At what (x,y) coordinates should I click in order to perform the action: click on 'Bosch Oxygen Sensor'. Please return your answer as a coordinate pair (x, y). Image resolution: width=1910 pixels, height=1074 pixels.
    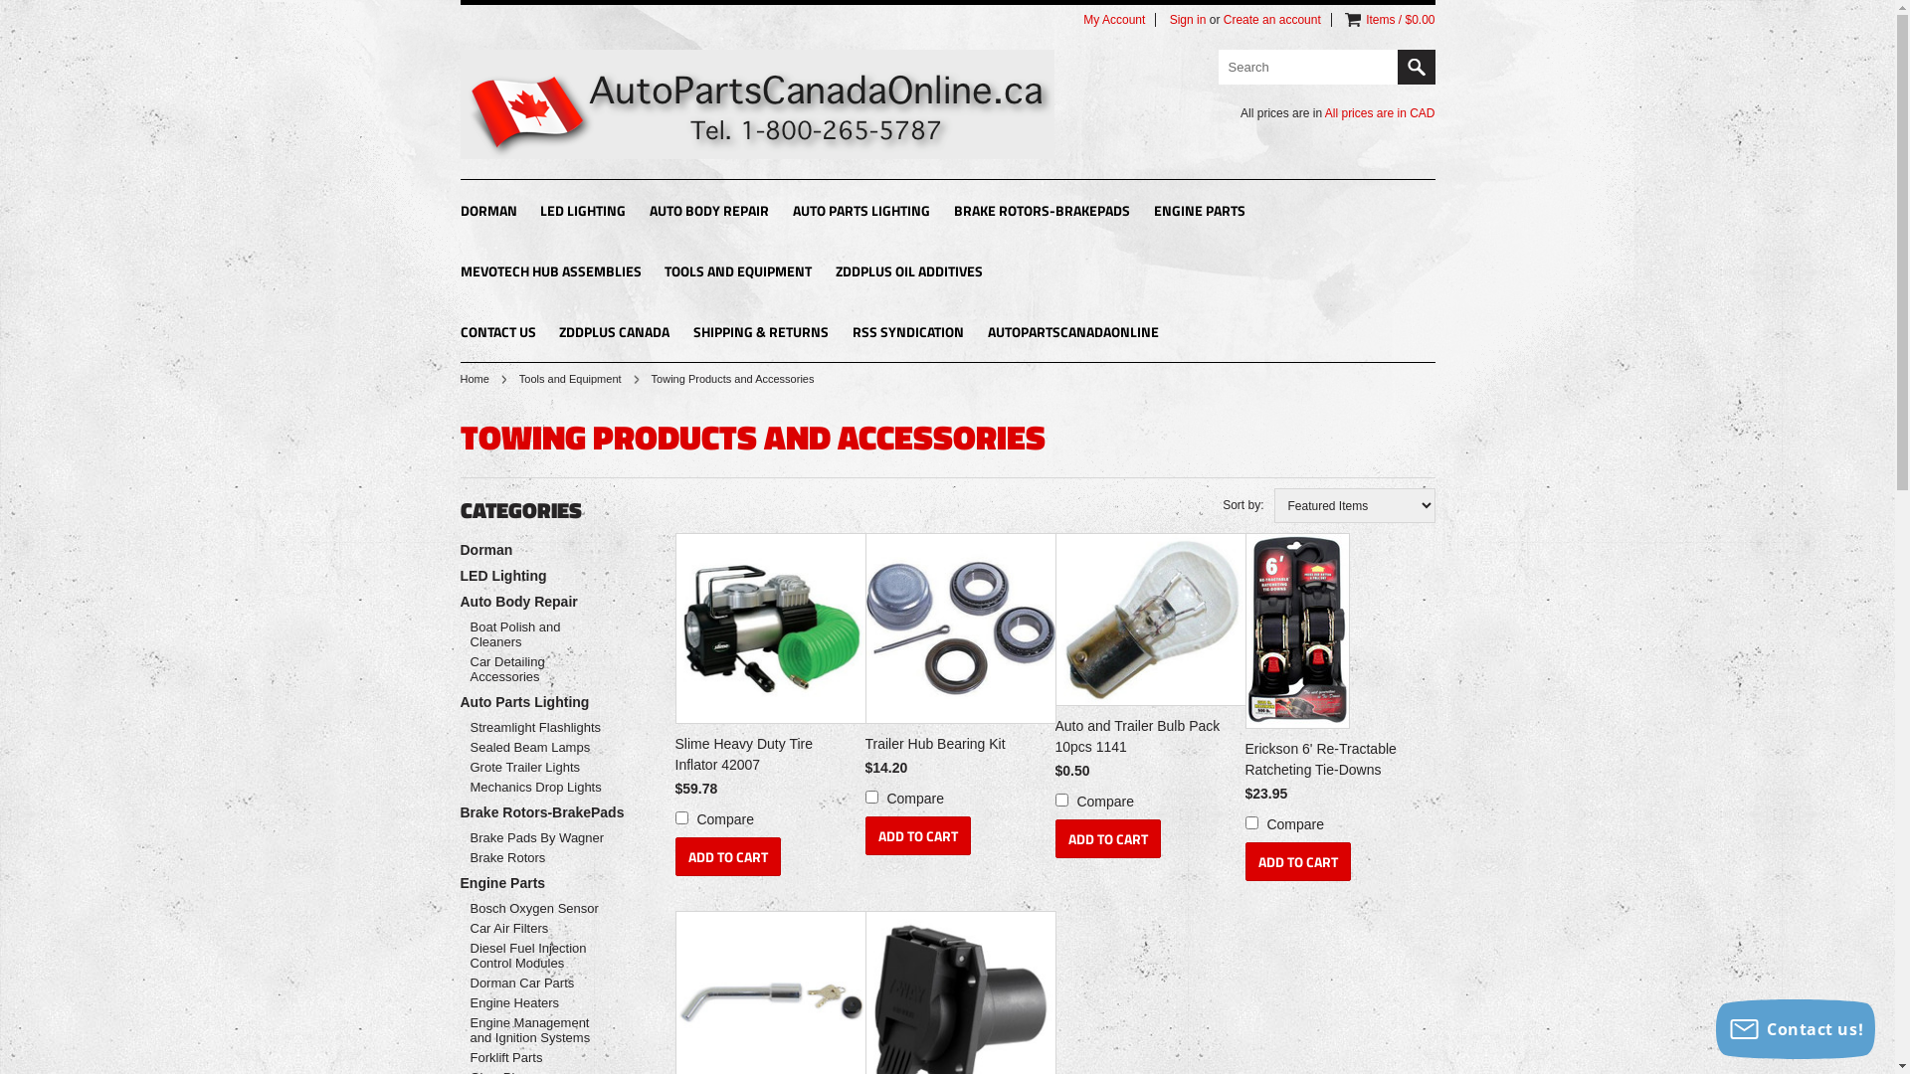
    Looking at the image, I should click on (539, 908).